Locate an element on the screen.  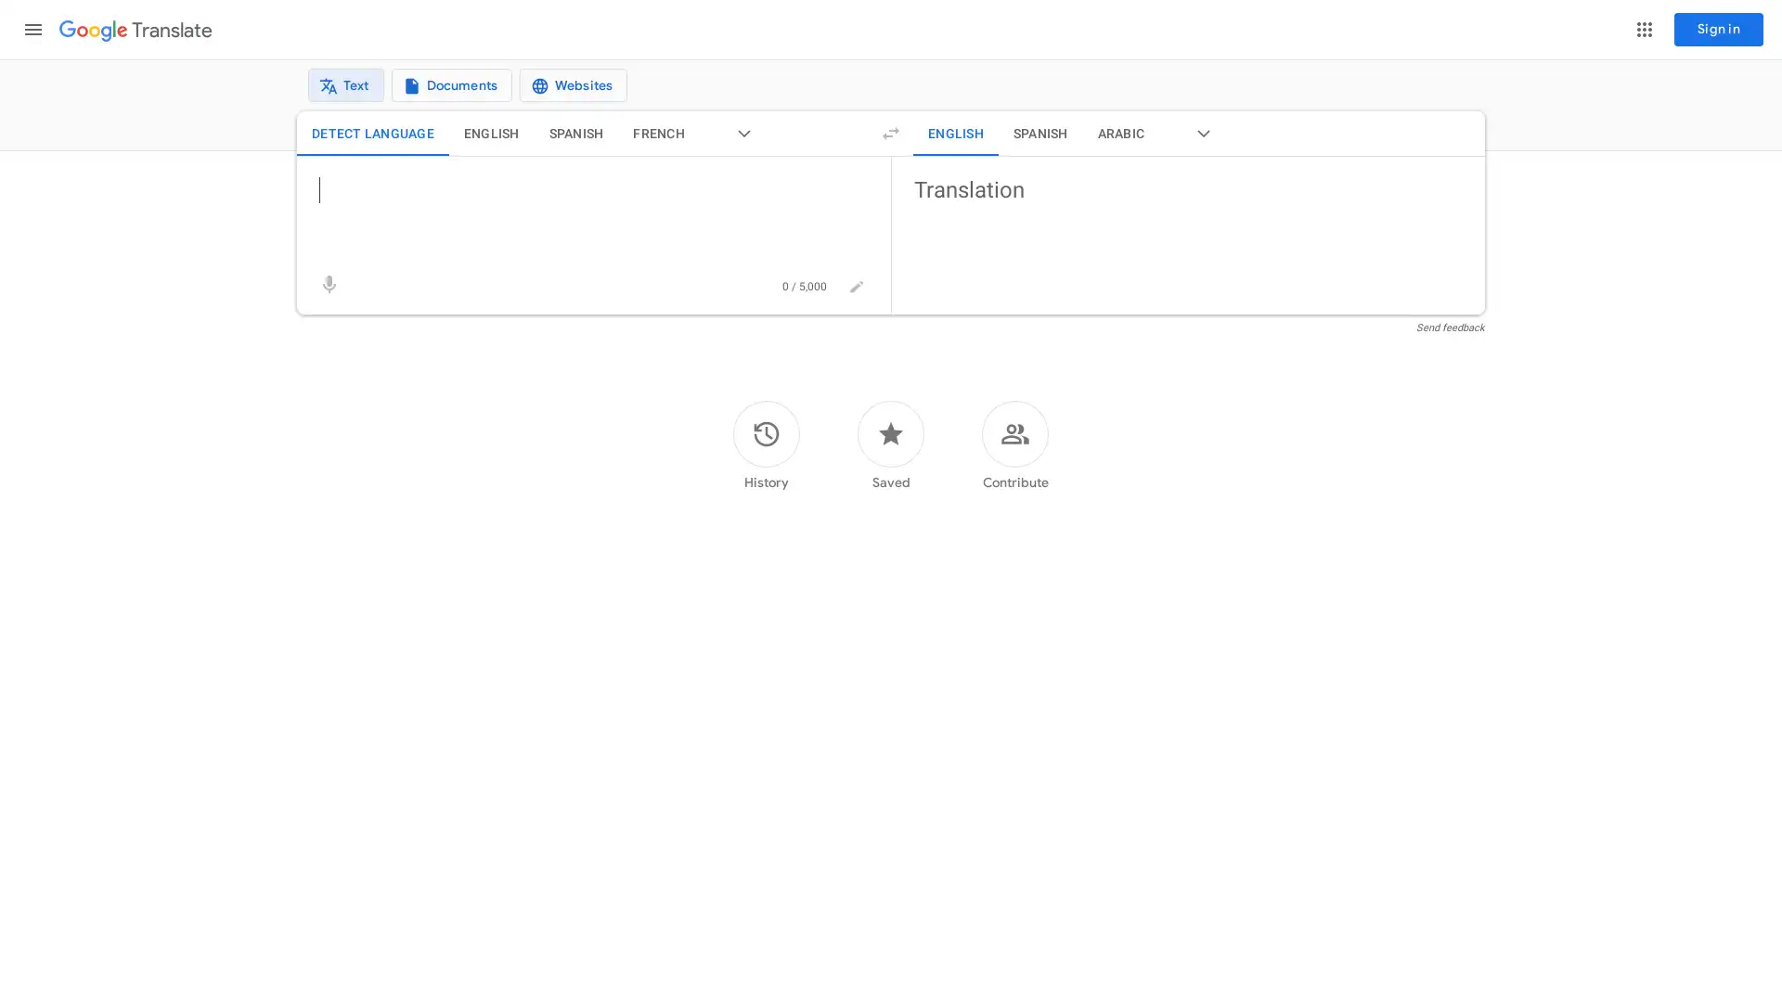
Text translation is located at coordinates (334, 90).